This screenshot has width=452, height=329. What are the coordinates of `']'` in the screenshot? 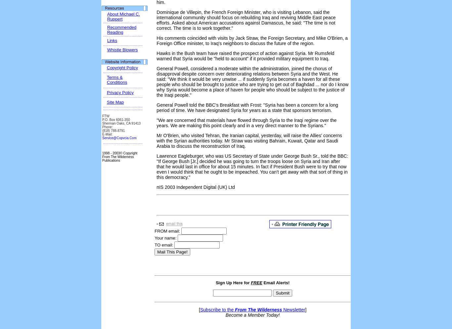 It's located at (305, 309).